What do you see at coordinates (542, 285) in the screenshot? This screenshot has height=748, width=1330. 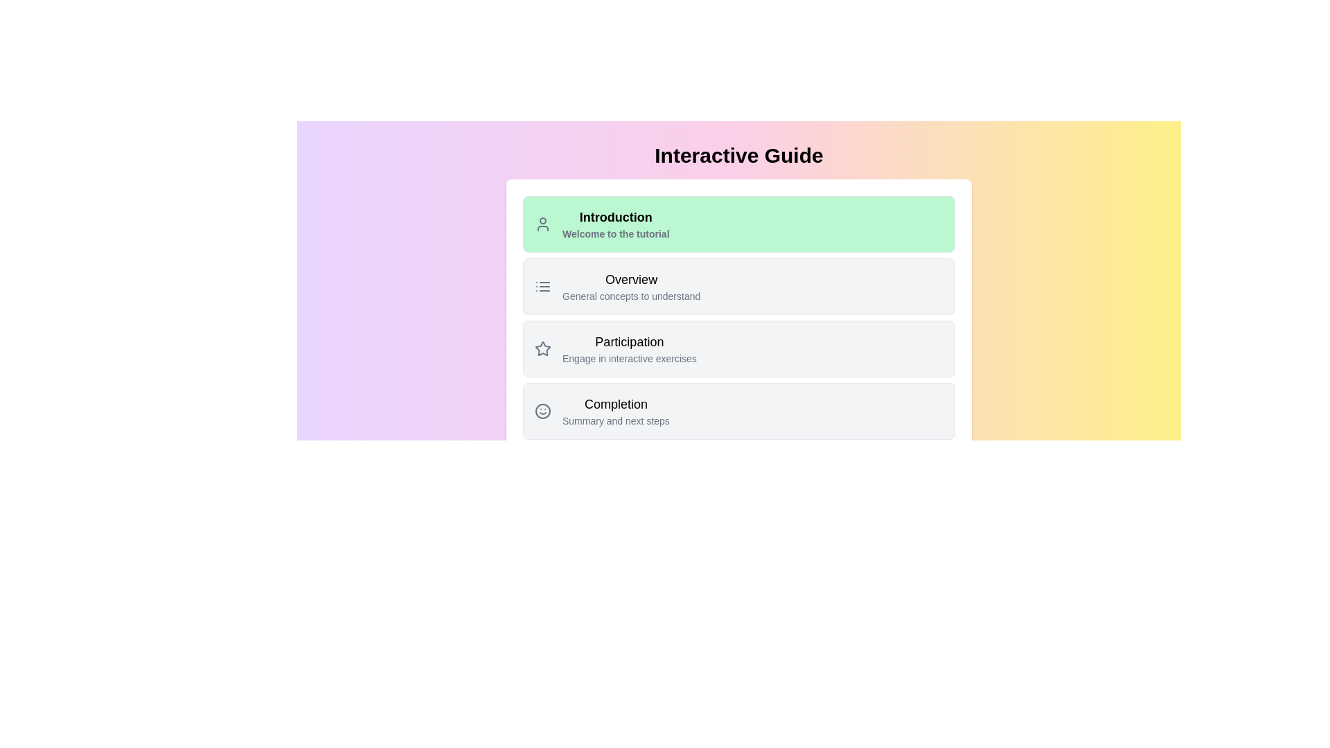 I see `the SVG icon resembling a bulleted list, located to the left of the 'Overview' text and above the 'General concepts to understand' description` at bounding box center [542, 285].